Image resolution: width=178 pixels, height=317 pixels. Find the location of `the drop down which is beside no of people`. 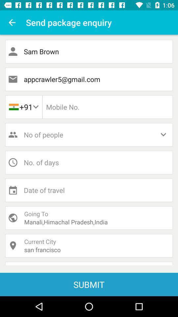

the drop down which is beside no of people is located at coordinates (166, 134).